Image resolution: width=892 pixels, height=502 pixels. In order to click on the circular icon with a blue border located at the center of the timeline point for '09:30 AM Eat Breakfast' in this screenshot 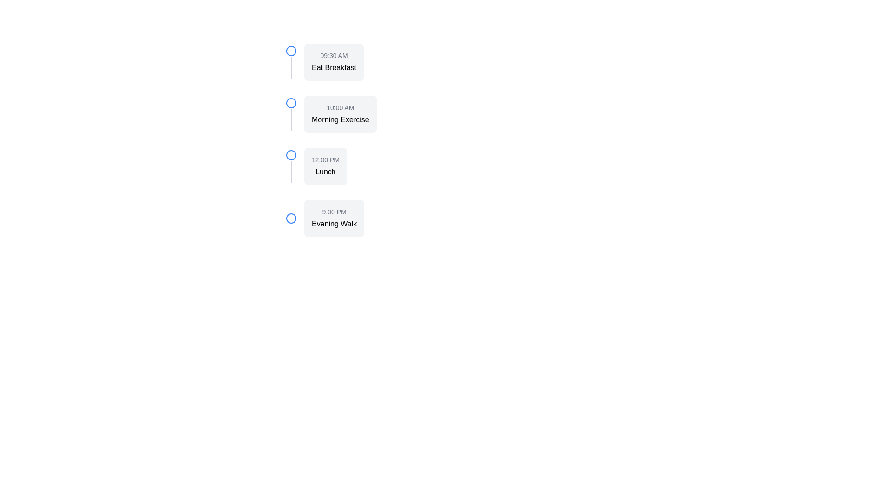, I will do `click(291, 51)`.